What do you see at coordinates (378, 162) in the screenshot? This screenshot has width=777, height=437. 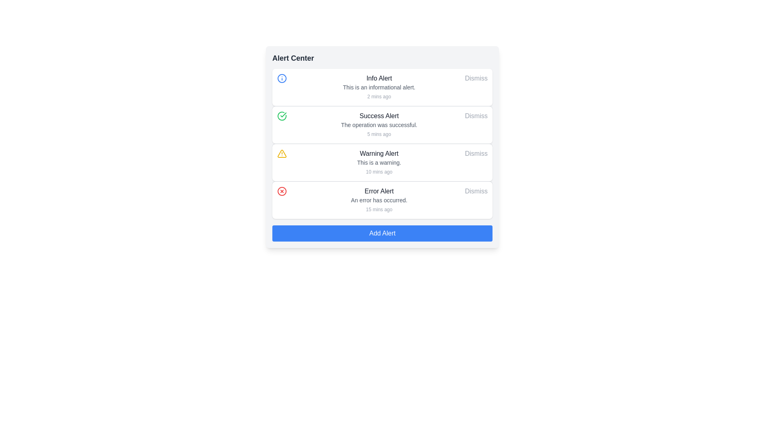 I see `the text label displaying 'This is a warning.' located below the bolded title 'Warning Alert' in the notification block` at bounding box center [378, 162].